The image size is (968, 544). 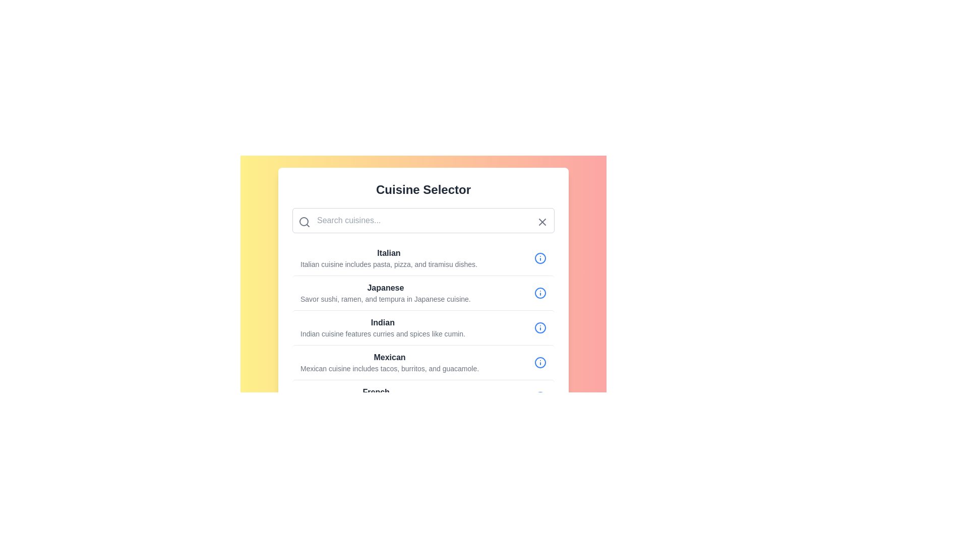 I want to click on the fourth list item labeled 'Mexican', which includes a bold header and an information icon on the right, so click(x=423, y=362).